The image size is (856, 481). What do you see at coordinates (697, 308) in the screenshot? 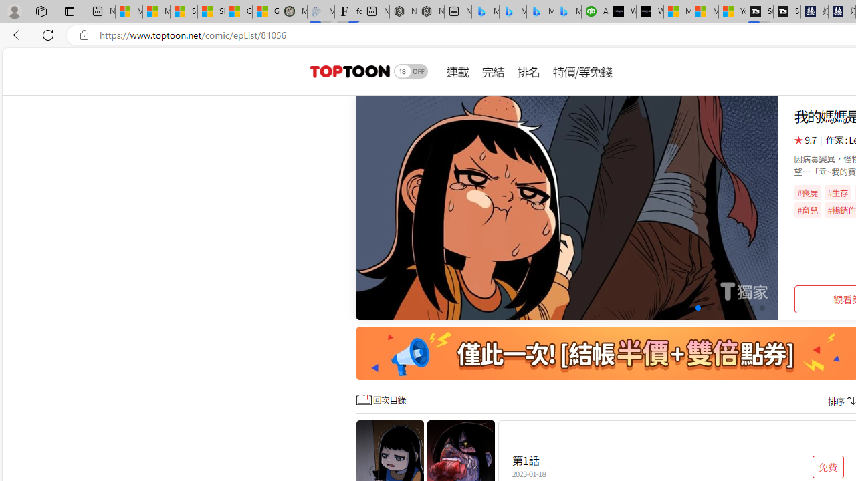
I see `'Go to slide 4'` at bounding box center [697, 308].